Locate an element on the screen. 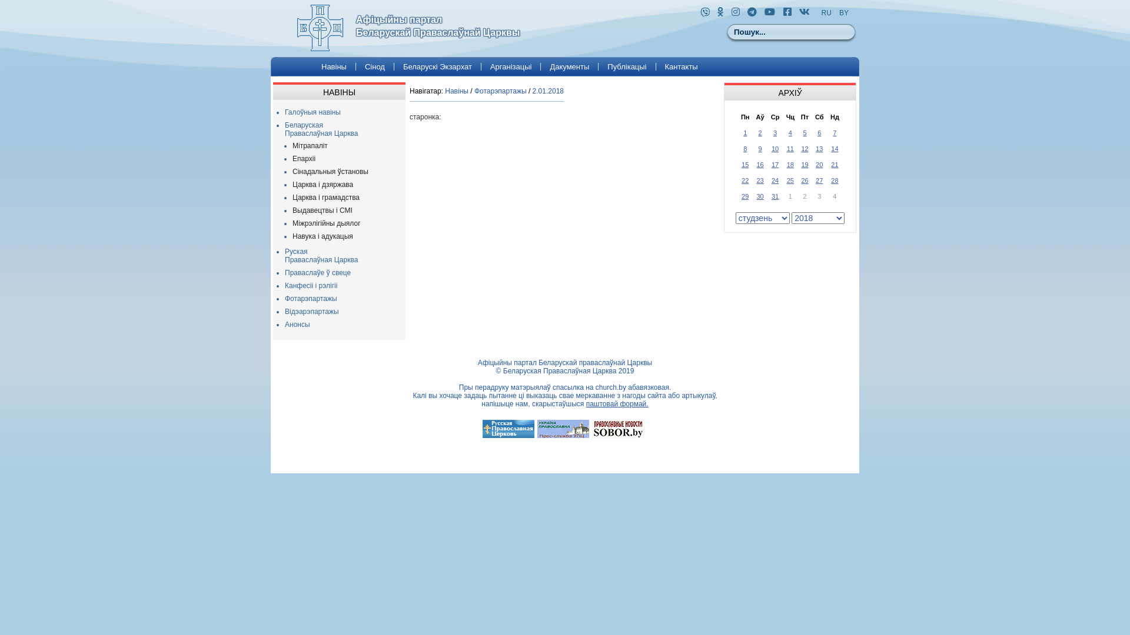 This screenshot has width=1130, height=635. 'BY' is located at coordinates (843, 13).